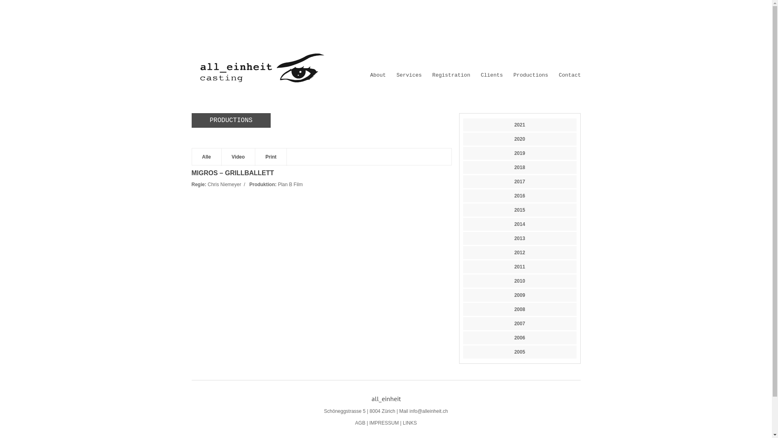 This screenshot has width=778, height=438. What do you see at coordinates (519, 125) in the screenshot?
I see `'2021'` at bounding box center [519, 125].